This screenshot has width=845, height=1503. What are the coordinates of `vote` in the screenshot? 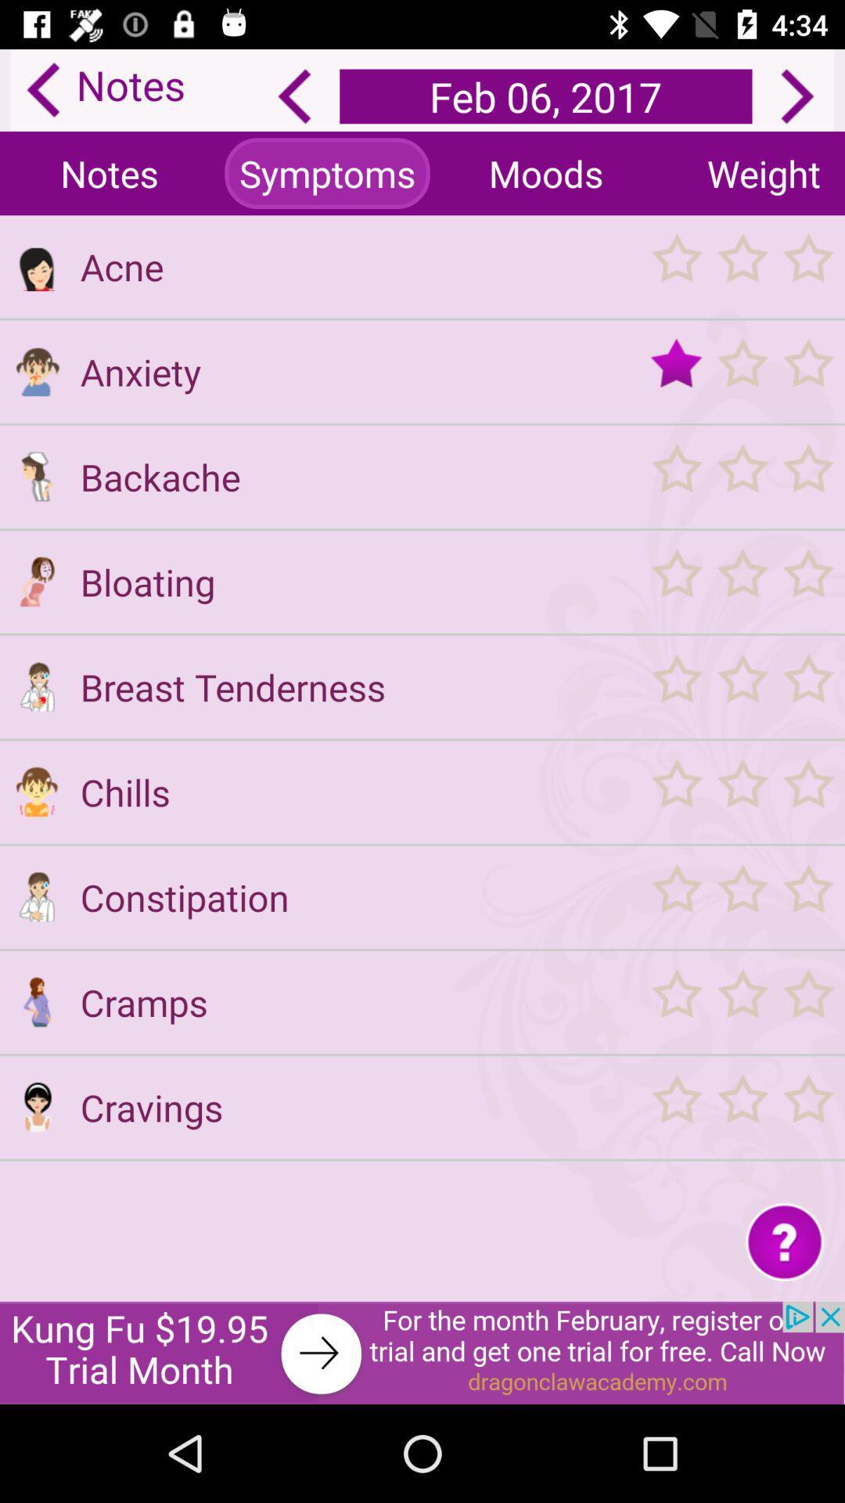 It's located at (741, 476).